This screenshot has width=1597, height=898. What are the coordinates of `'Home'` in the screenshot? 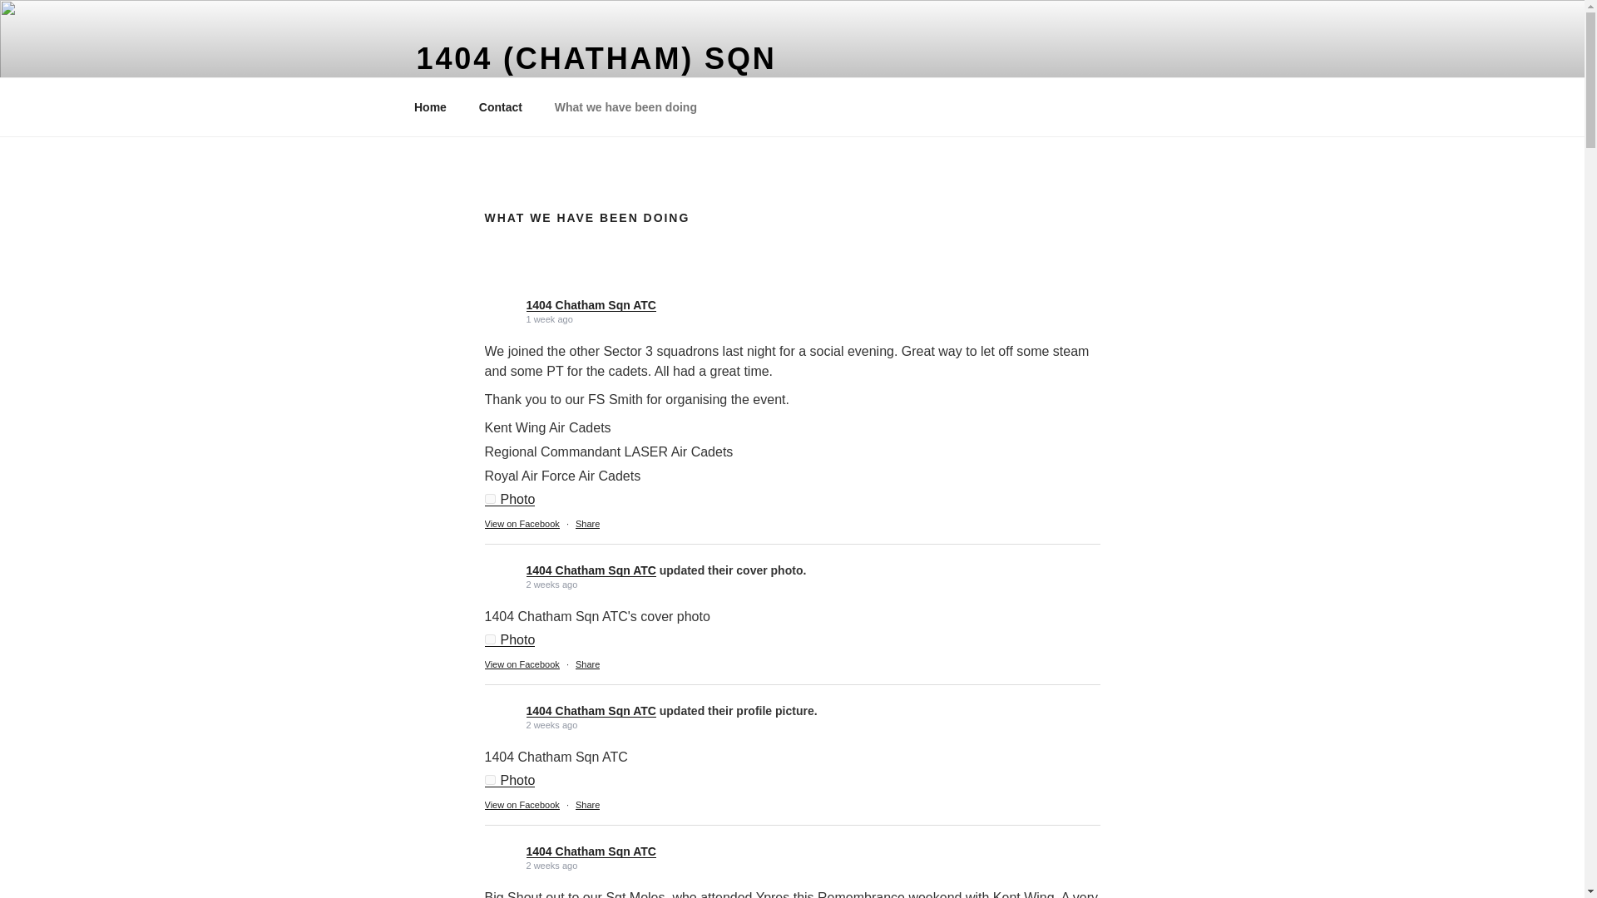 It's located at (430, 106).